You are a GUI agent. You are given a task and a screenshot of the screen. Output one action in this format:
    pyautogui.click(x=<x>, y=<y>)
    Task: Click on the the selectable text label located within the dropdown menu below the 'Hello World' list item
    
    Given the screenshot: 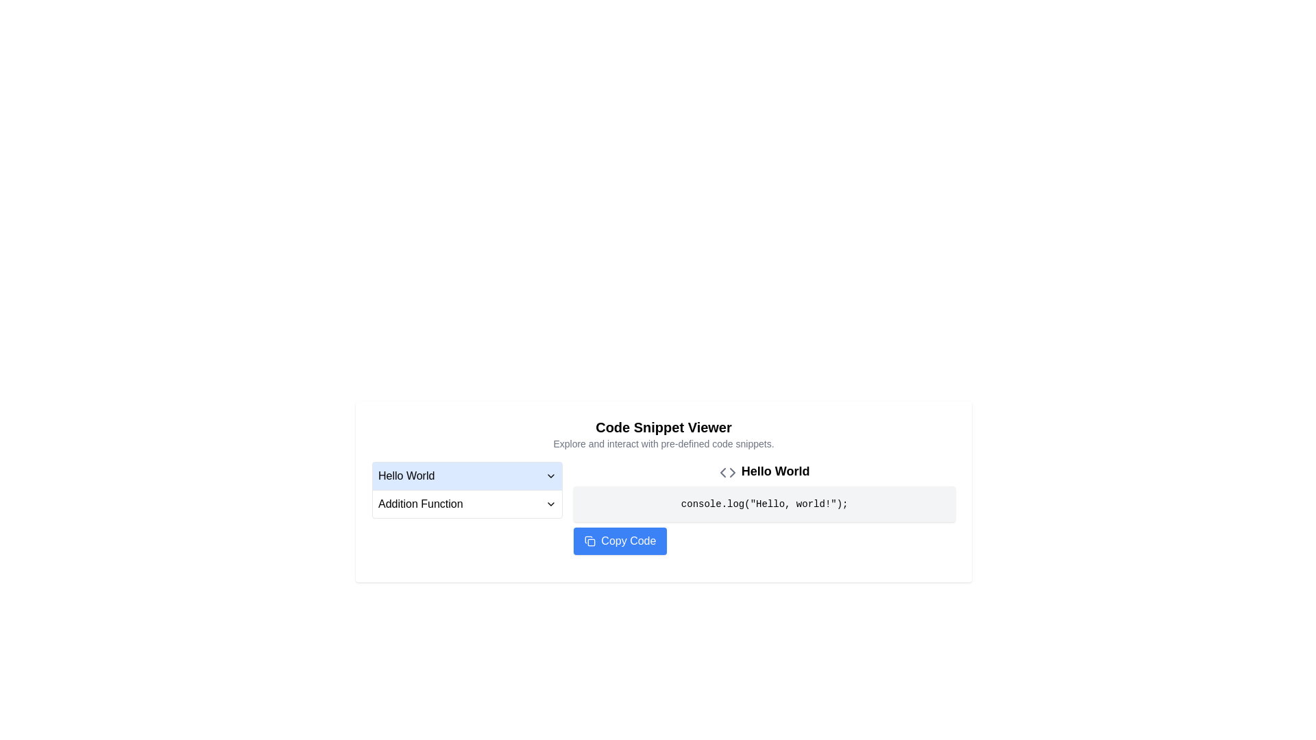 What is the action you would take?
    pyautogui.click(x=419, y=504)
    